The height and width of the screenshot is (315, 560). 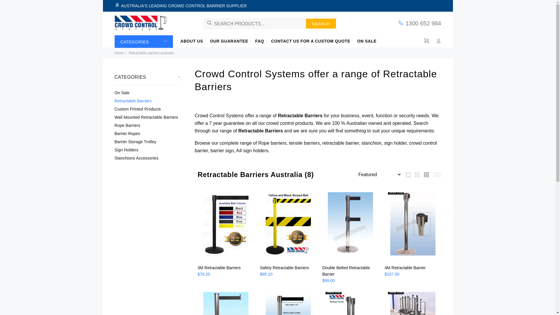 What do you see at coordinates (405, 268) in the screenshot?
I see `'4M Retractable Barrier'` at bounding box center [405, 268].